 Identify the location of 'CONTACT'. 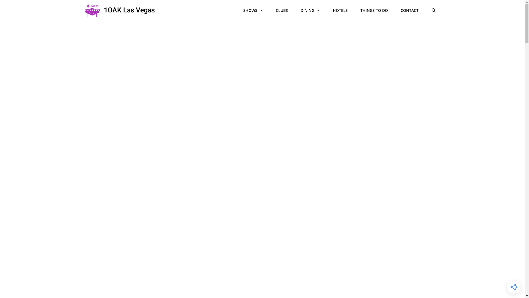
(409, 10).